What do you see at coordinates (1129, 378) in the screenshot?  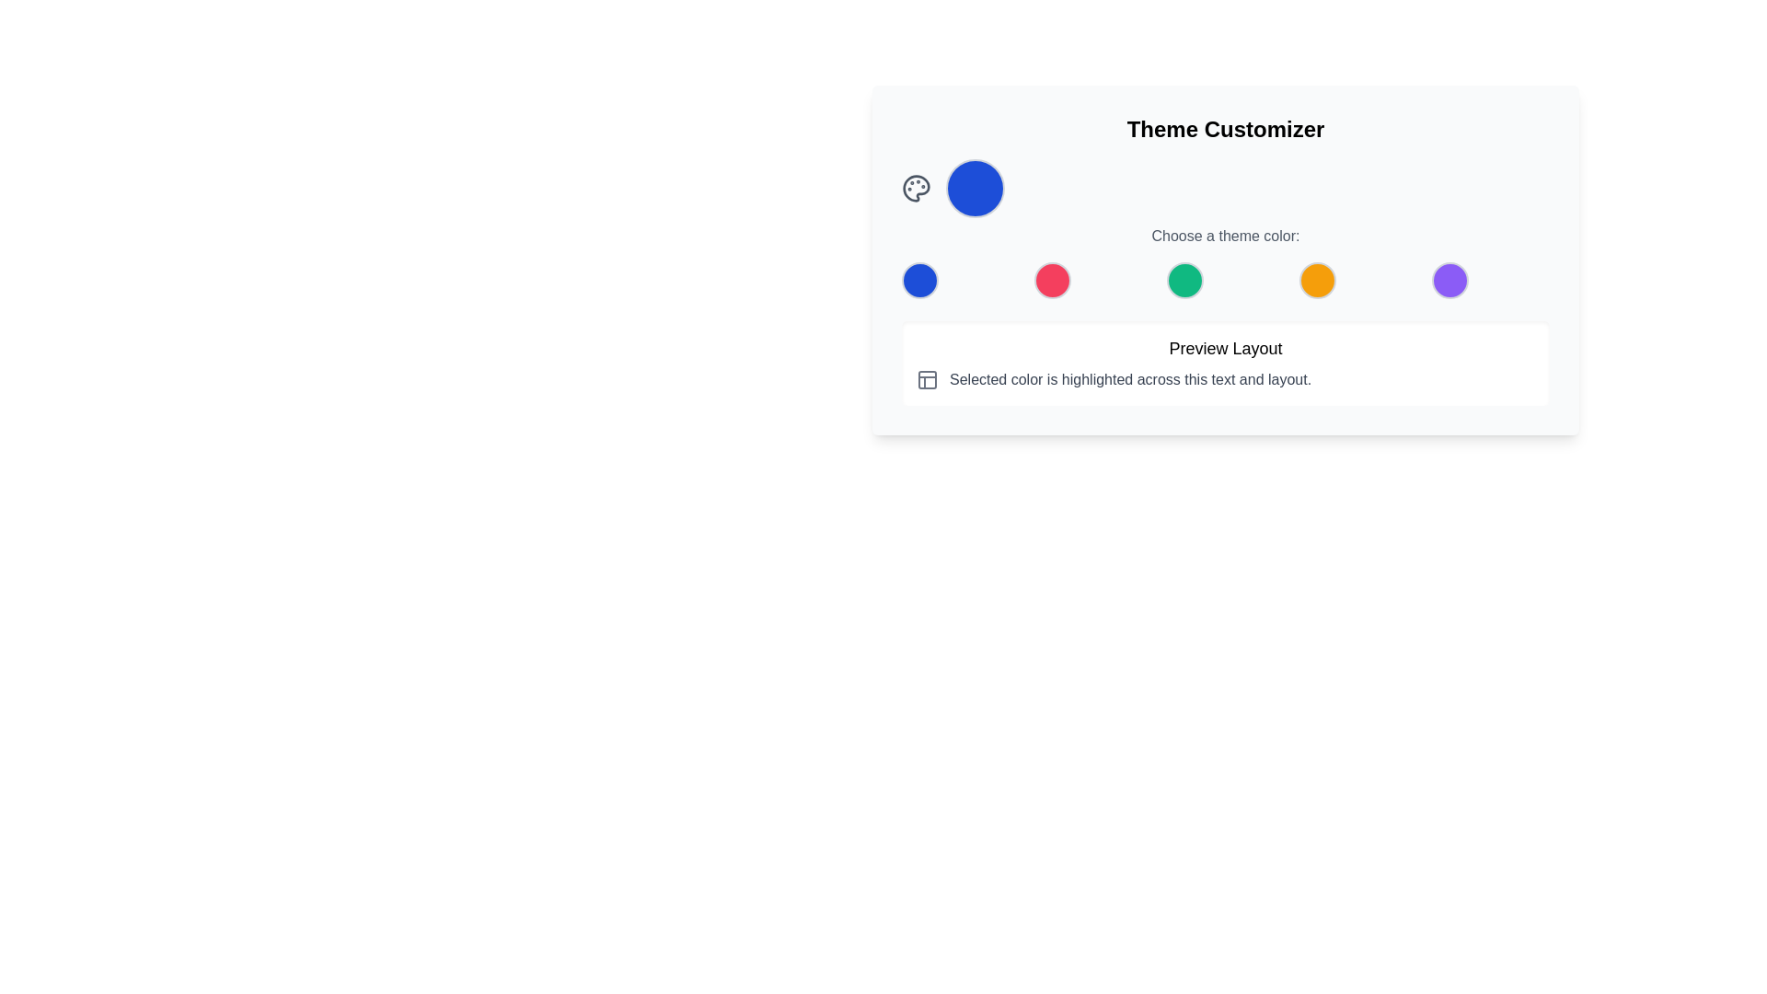 I see `informational text displayed in the text block that says 'Selected color is highlighted across this text and layout.' This text block is styled with a gray color and is located in the lower section of the Theme Customizer interface, to the right of a grid icon` at bounding box center [1129, 378].